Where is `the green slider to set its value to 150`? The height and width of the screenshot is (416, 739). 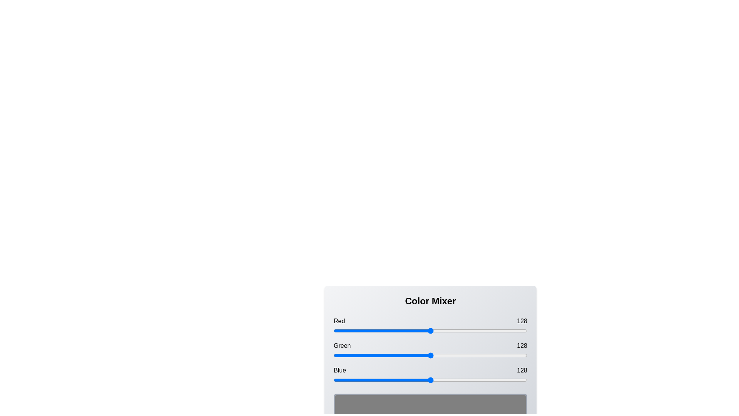
the green slider to set its value to 150 is located at coordinates (447, 355).